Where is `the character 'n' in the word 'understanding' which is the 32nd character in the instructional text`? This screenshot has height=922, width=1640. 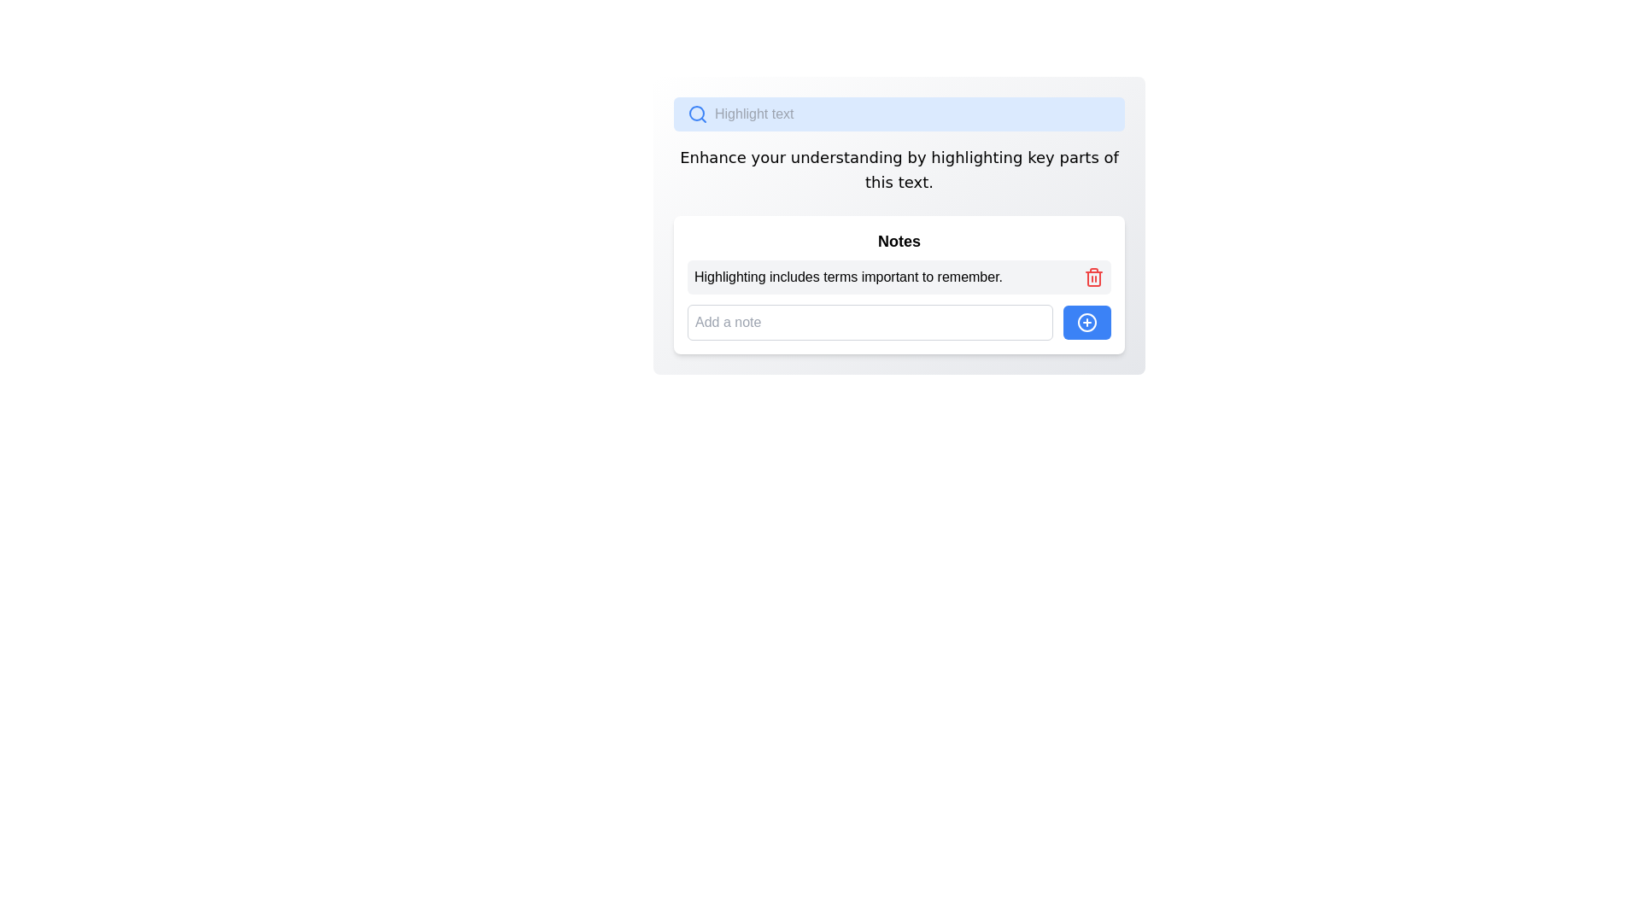 the character 'n' in the word 'understanding' which is the 32nd character in the instructional text is located at coordinates (824, 157).